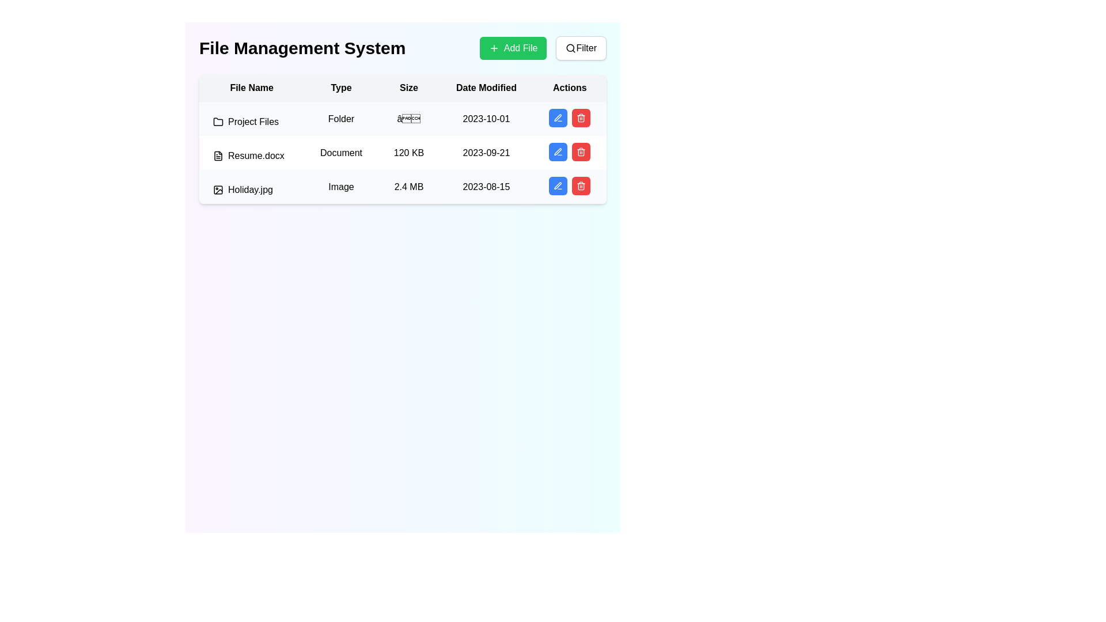 This screenshot has height=622, width=1106. What do you see at coordinates (218, 155) in the screenshot?
I see `the small file icon resembling a document, which has a black outline and white background, located to the left of the text 'Resume.docx' in the 'File Name' column of the table` at bounding box center [218, 155].